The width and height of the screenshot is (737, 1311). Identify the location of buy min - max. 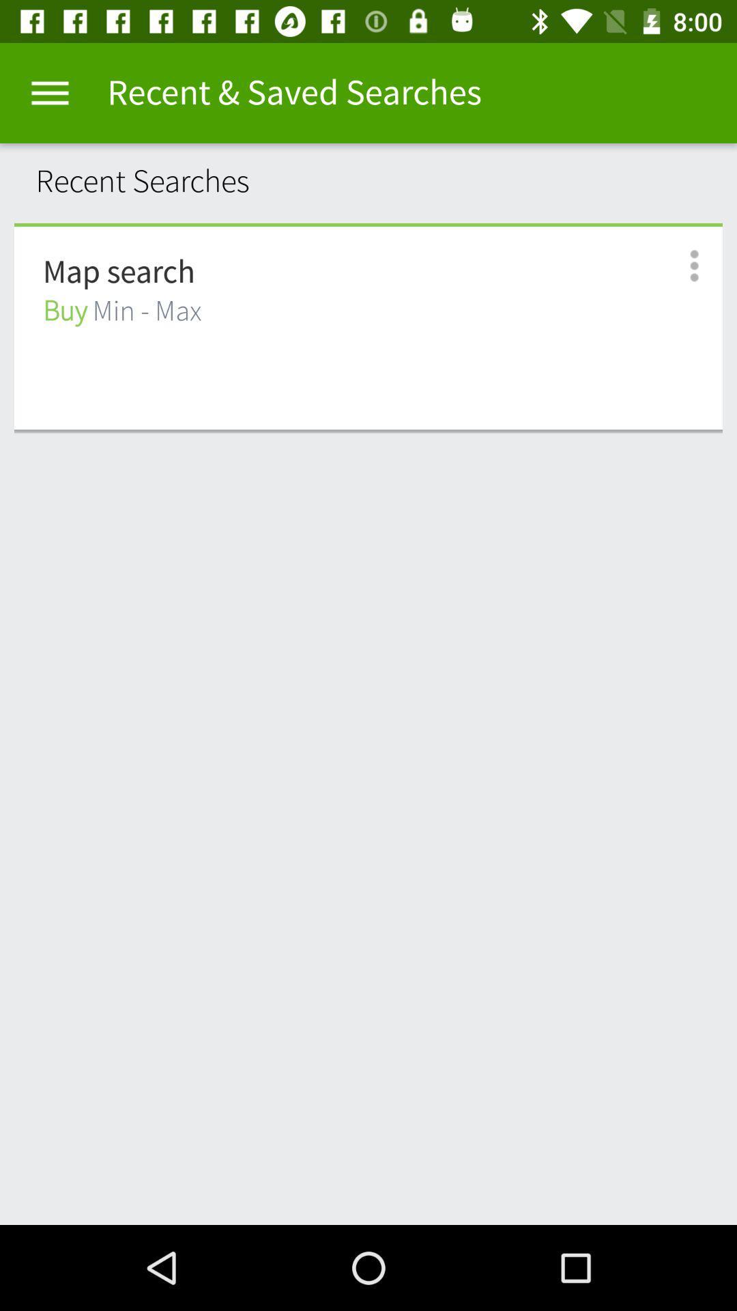
(121, 311).